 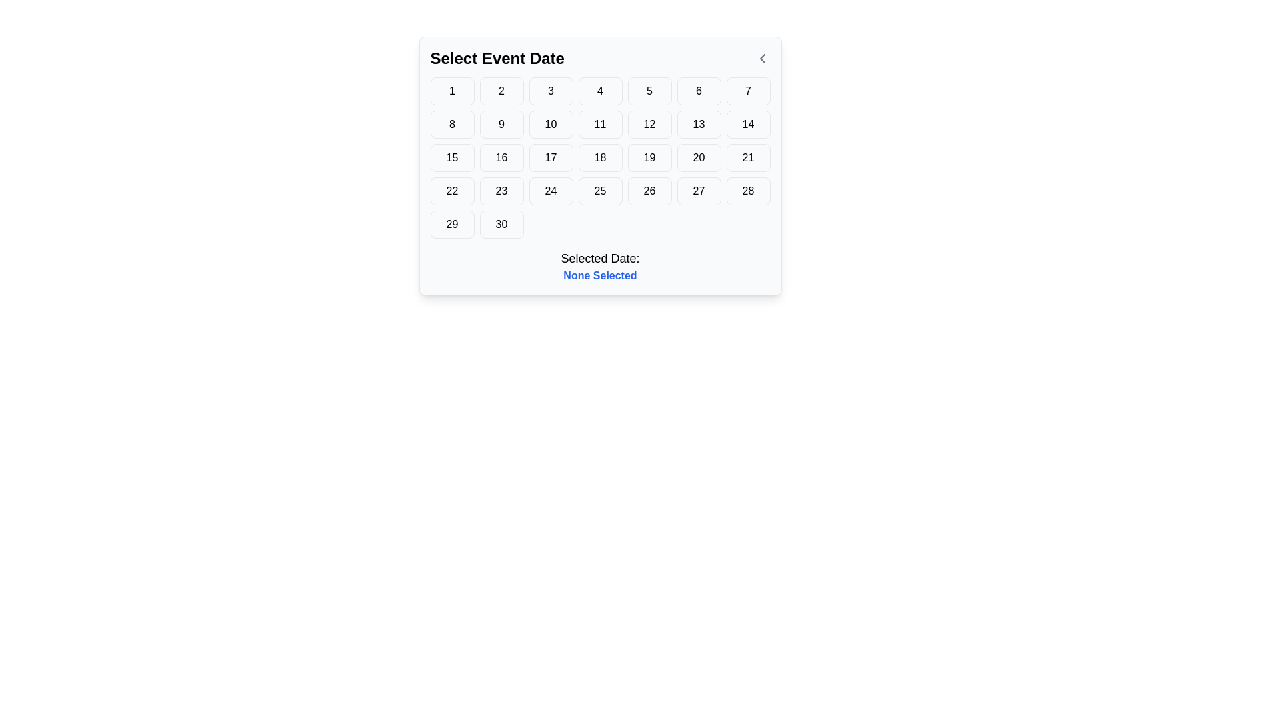 I want to click on the rectangular button with rounded corners displaying the text '22', so click(x=452, y=191).